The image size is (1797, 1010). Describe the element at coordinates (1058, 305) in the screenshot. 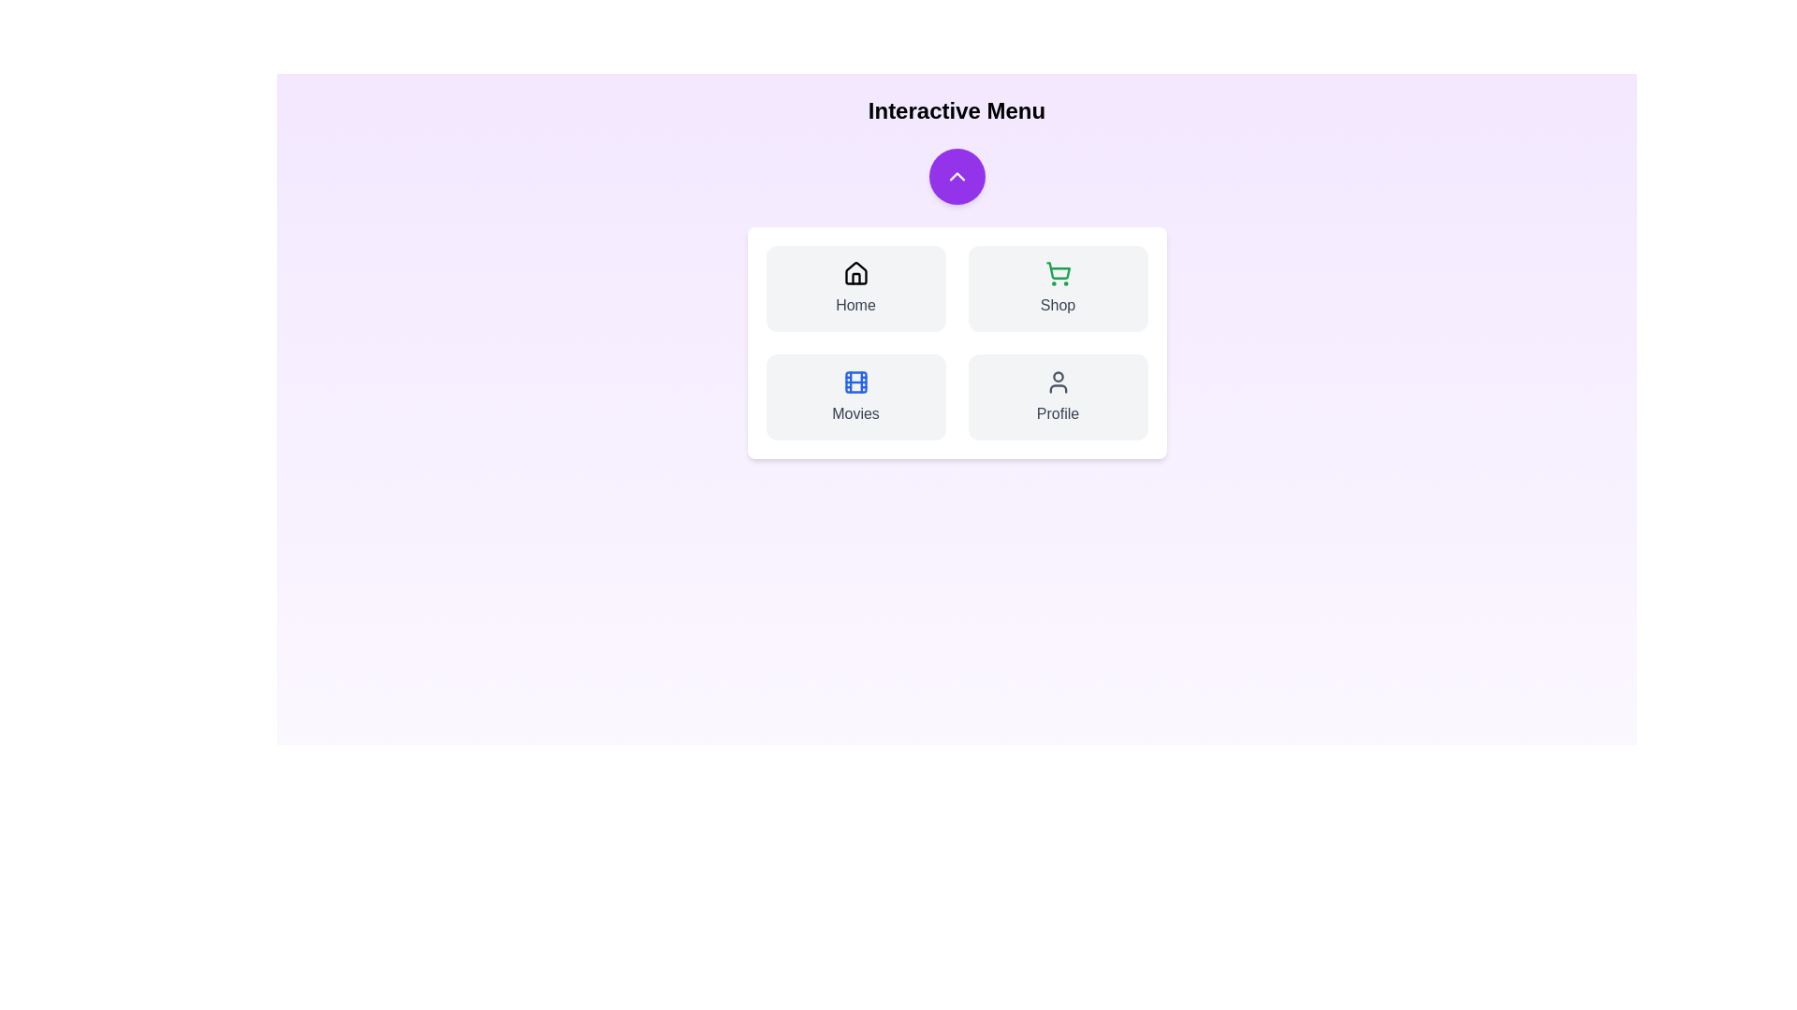

I see `the text label of the menu item Shop` at that location.